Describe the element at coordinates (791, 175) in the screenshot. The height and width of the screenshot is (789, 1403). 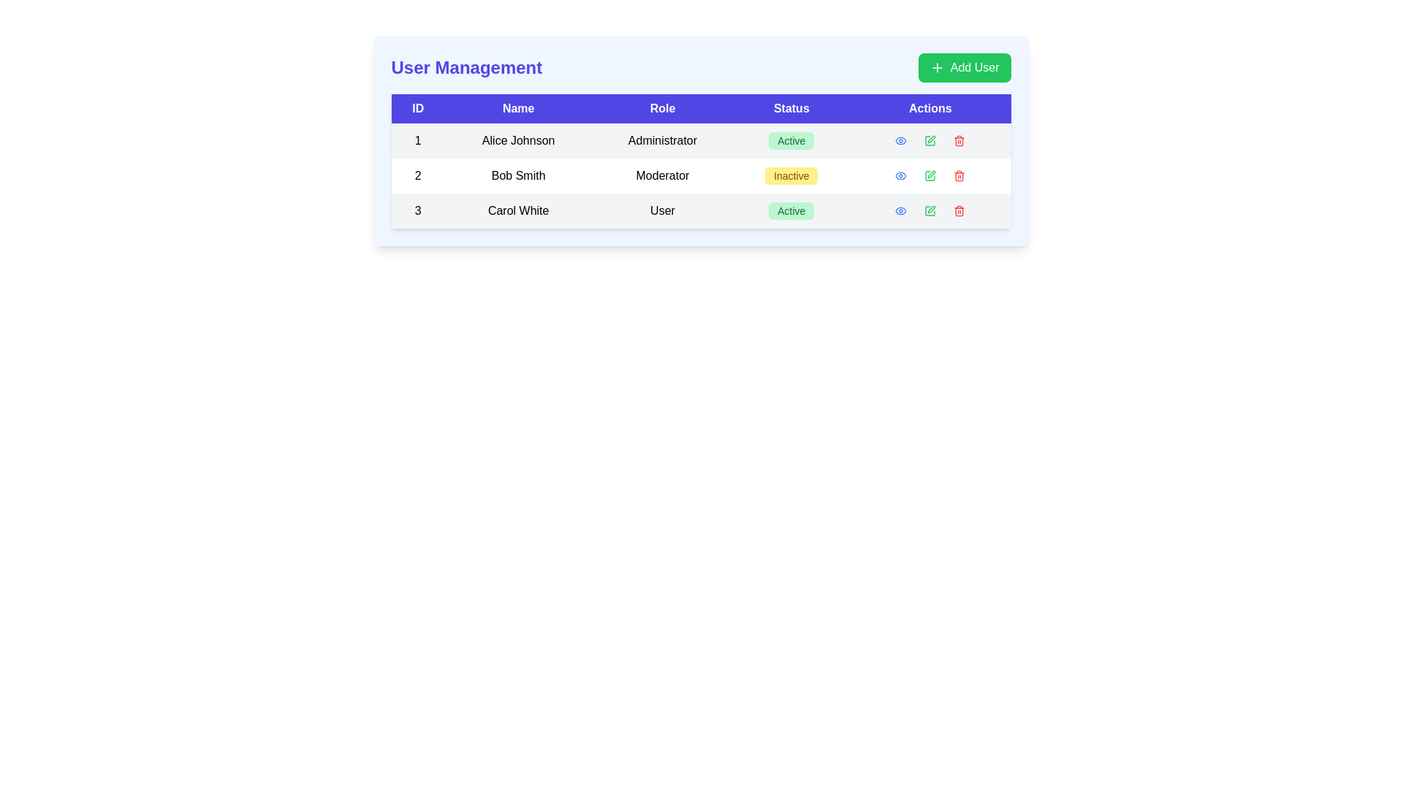
I see `the Status label with 'Inactive' text, which is a rectangular button with rounded corners and a yellow background located in the second row of a table under the 'Status' column` at that location.